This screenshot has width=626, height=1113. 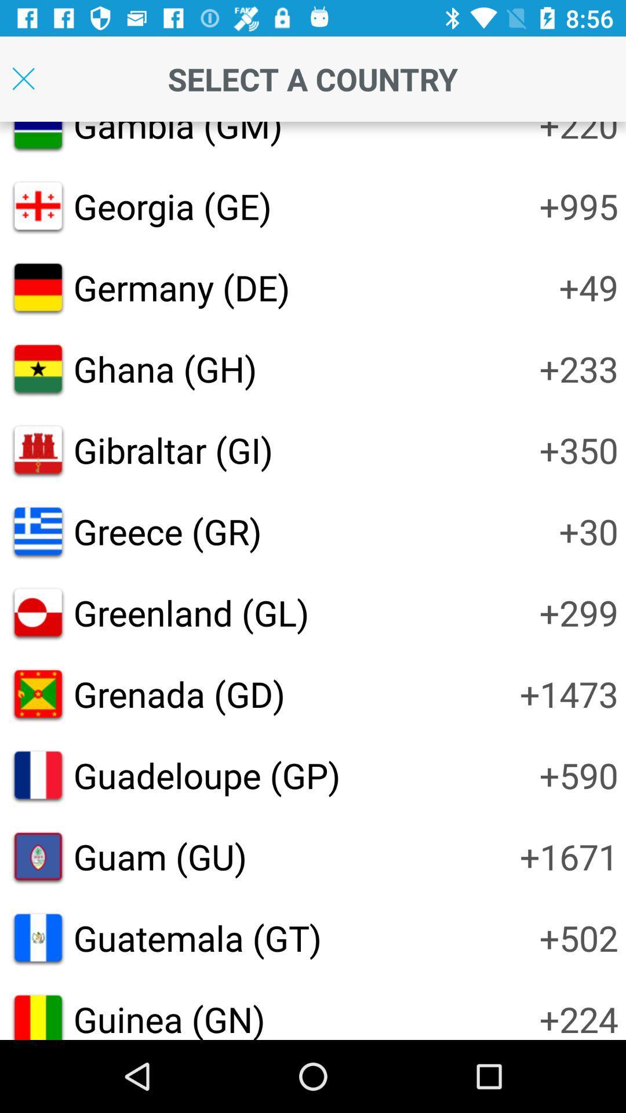 I want to click on the guinea (gn), so click(x=169, y=1017).